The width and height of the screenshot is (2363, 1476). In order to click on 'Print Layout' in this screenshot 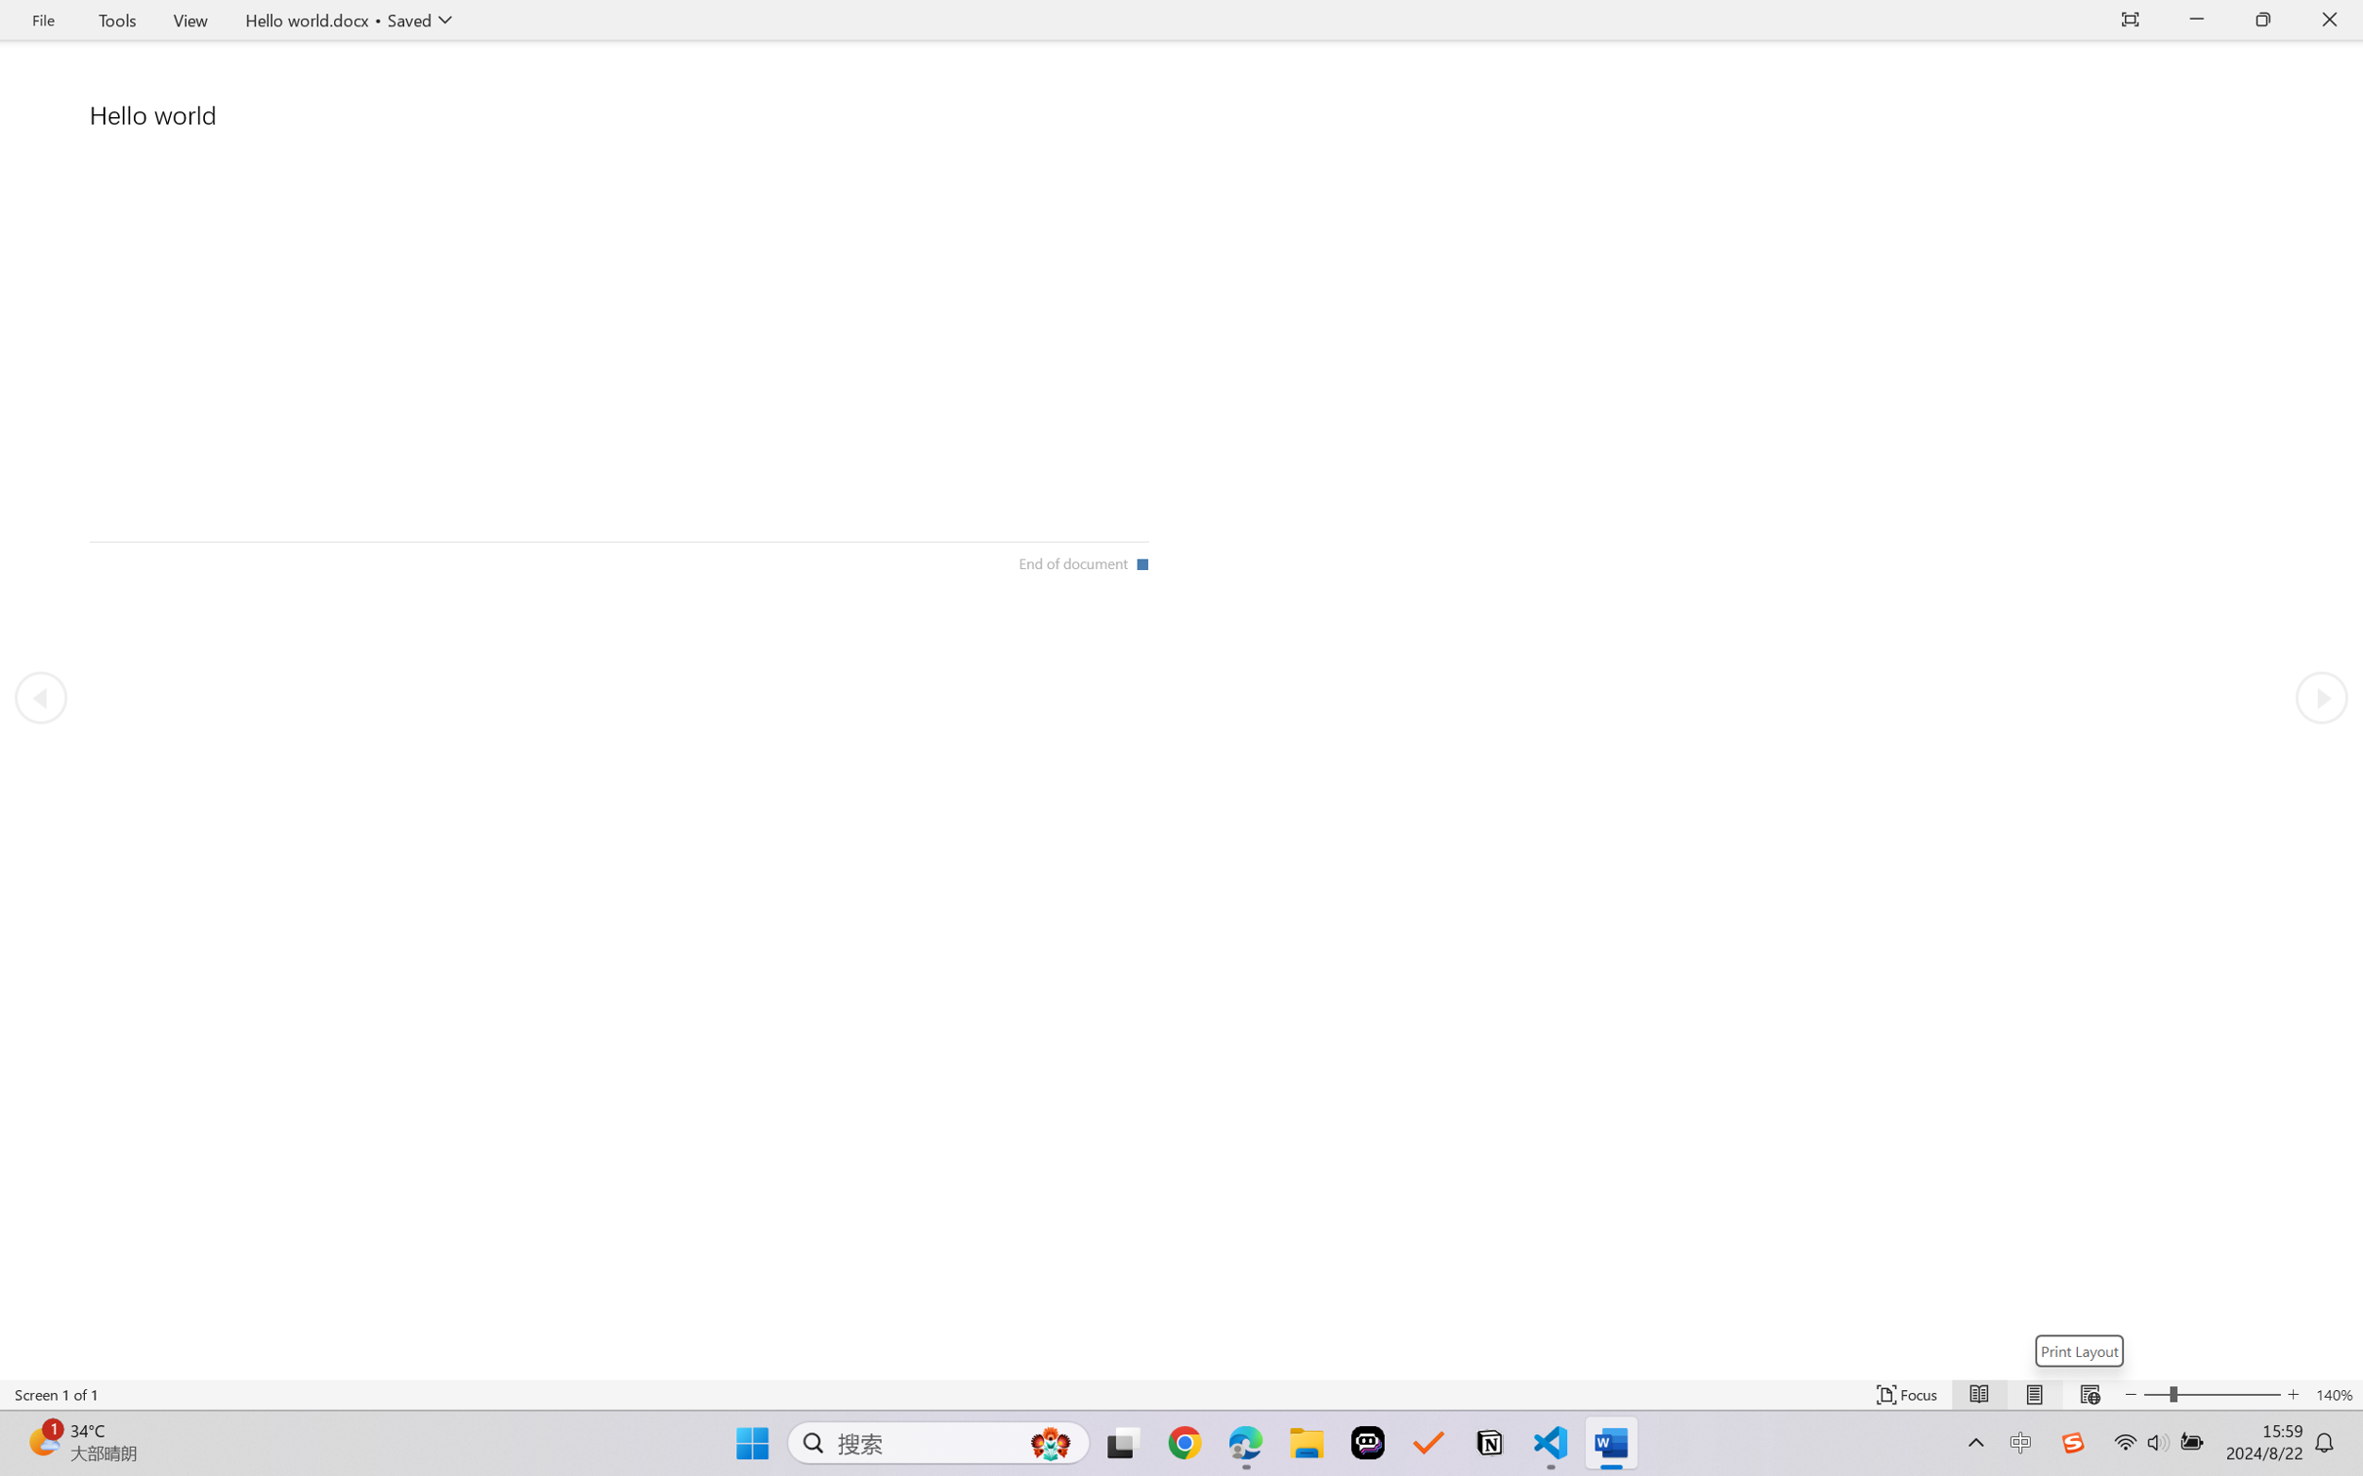, I will do `click(2079, 1350)`.